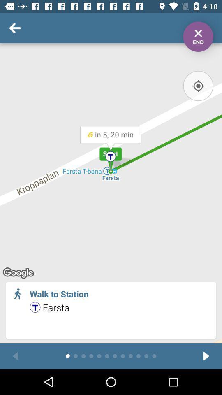 The image size is (222, 395). I want to click on previous, so click(16, 355).